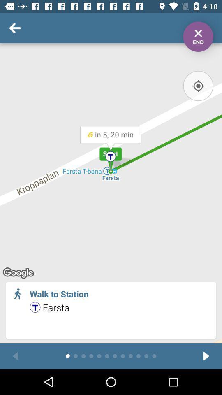 The image size is (222, 395). I want to click on previous, so click(16, 355).